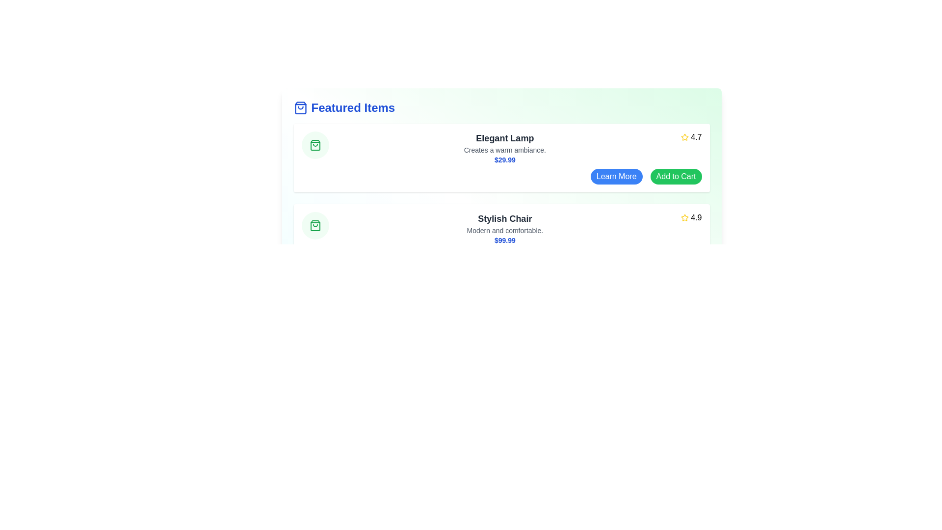  Describe the element at coordinates (691, 137) in the screenshot. I see `the rating of the item 'Elegant Lamp' to view more information` at that location.